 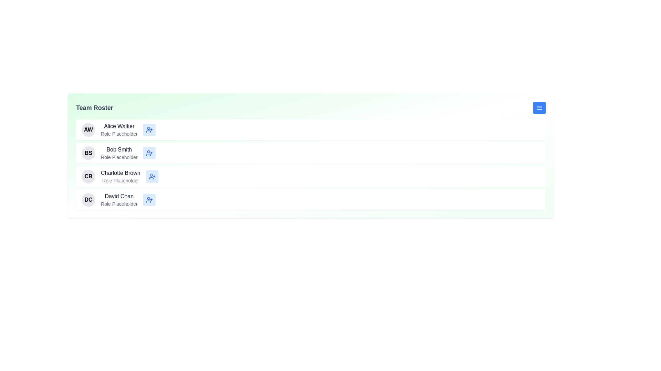 I want to click on the text label displaying 'David Chan' and 'Role Placeholder' in the fourth entry of the 'Team Roster' list, so click(x=119, y=200).